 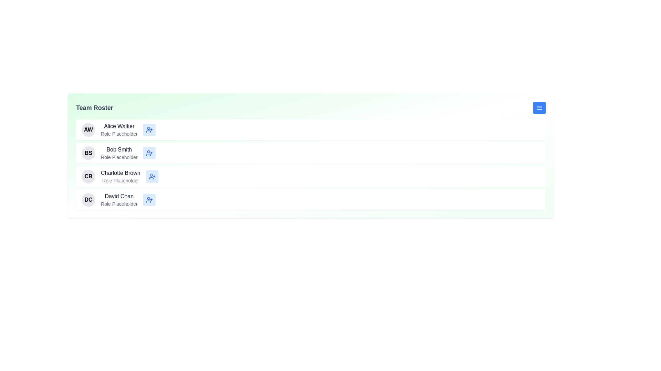 I want to click on the text label displaying 'David Chan' and 'Role Placeholder' in the fourth entry of the 'Team Roster' list, so click(x=119, y=200).